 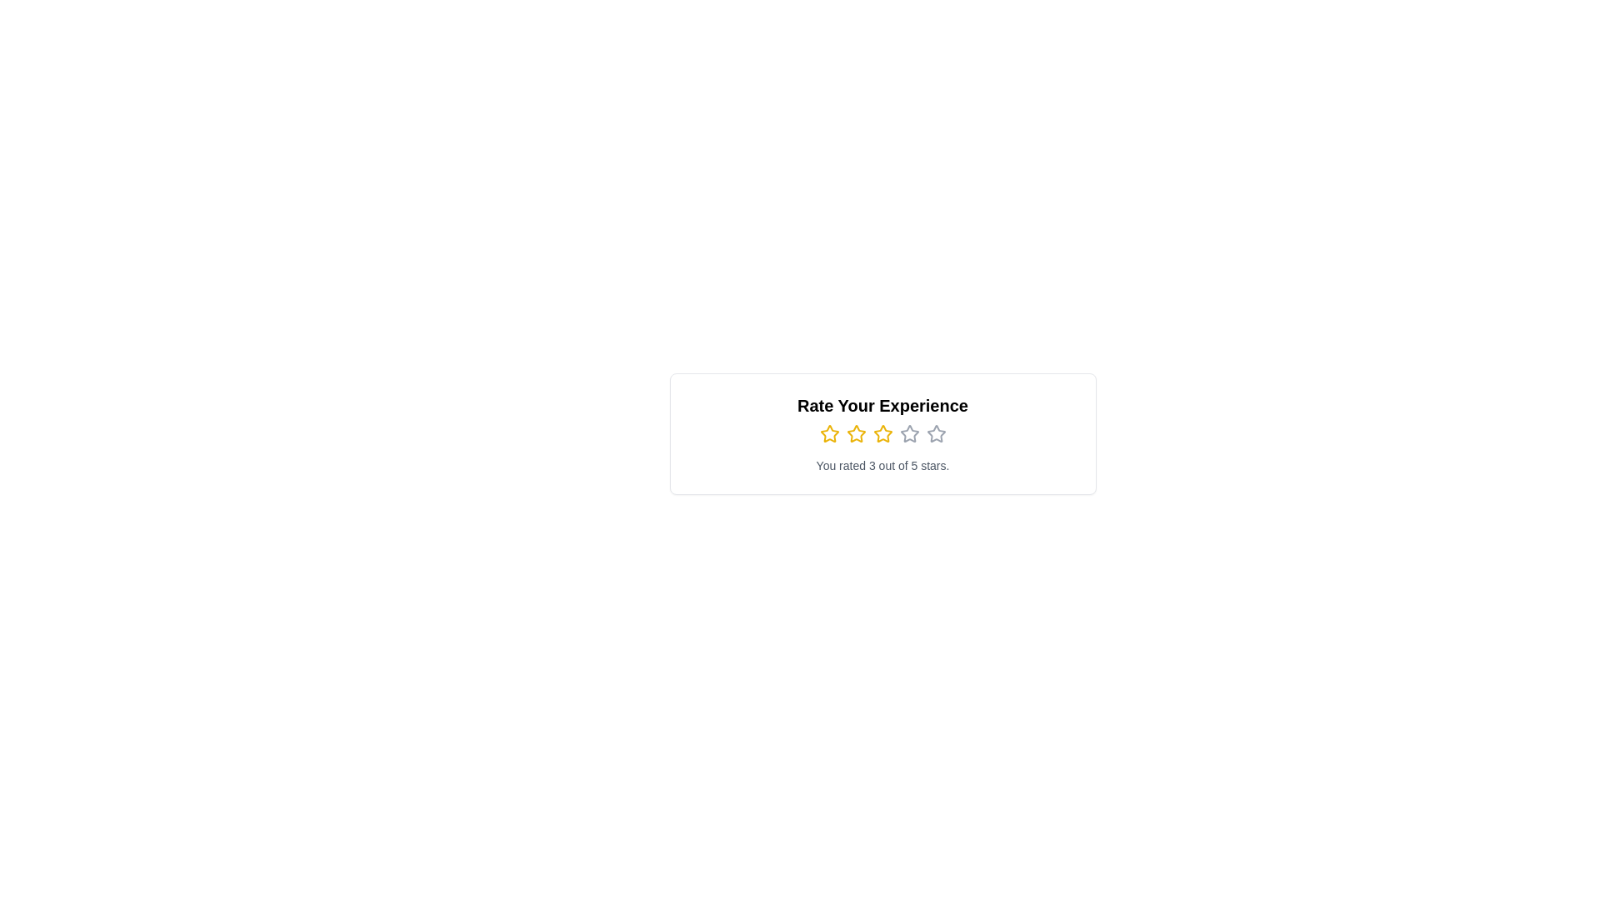 I want to click on the third hollow star icon in the rating section to set a 3-star rating, so click(x=907, y=432).